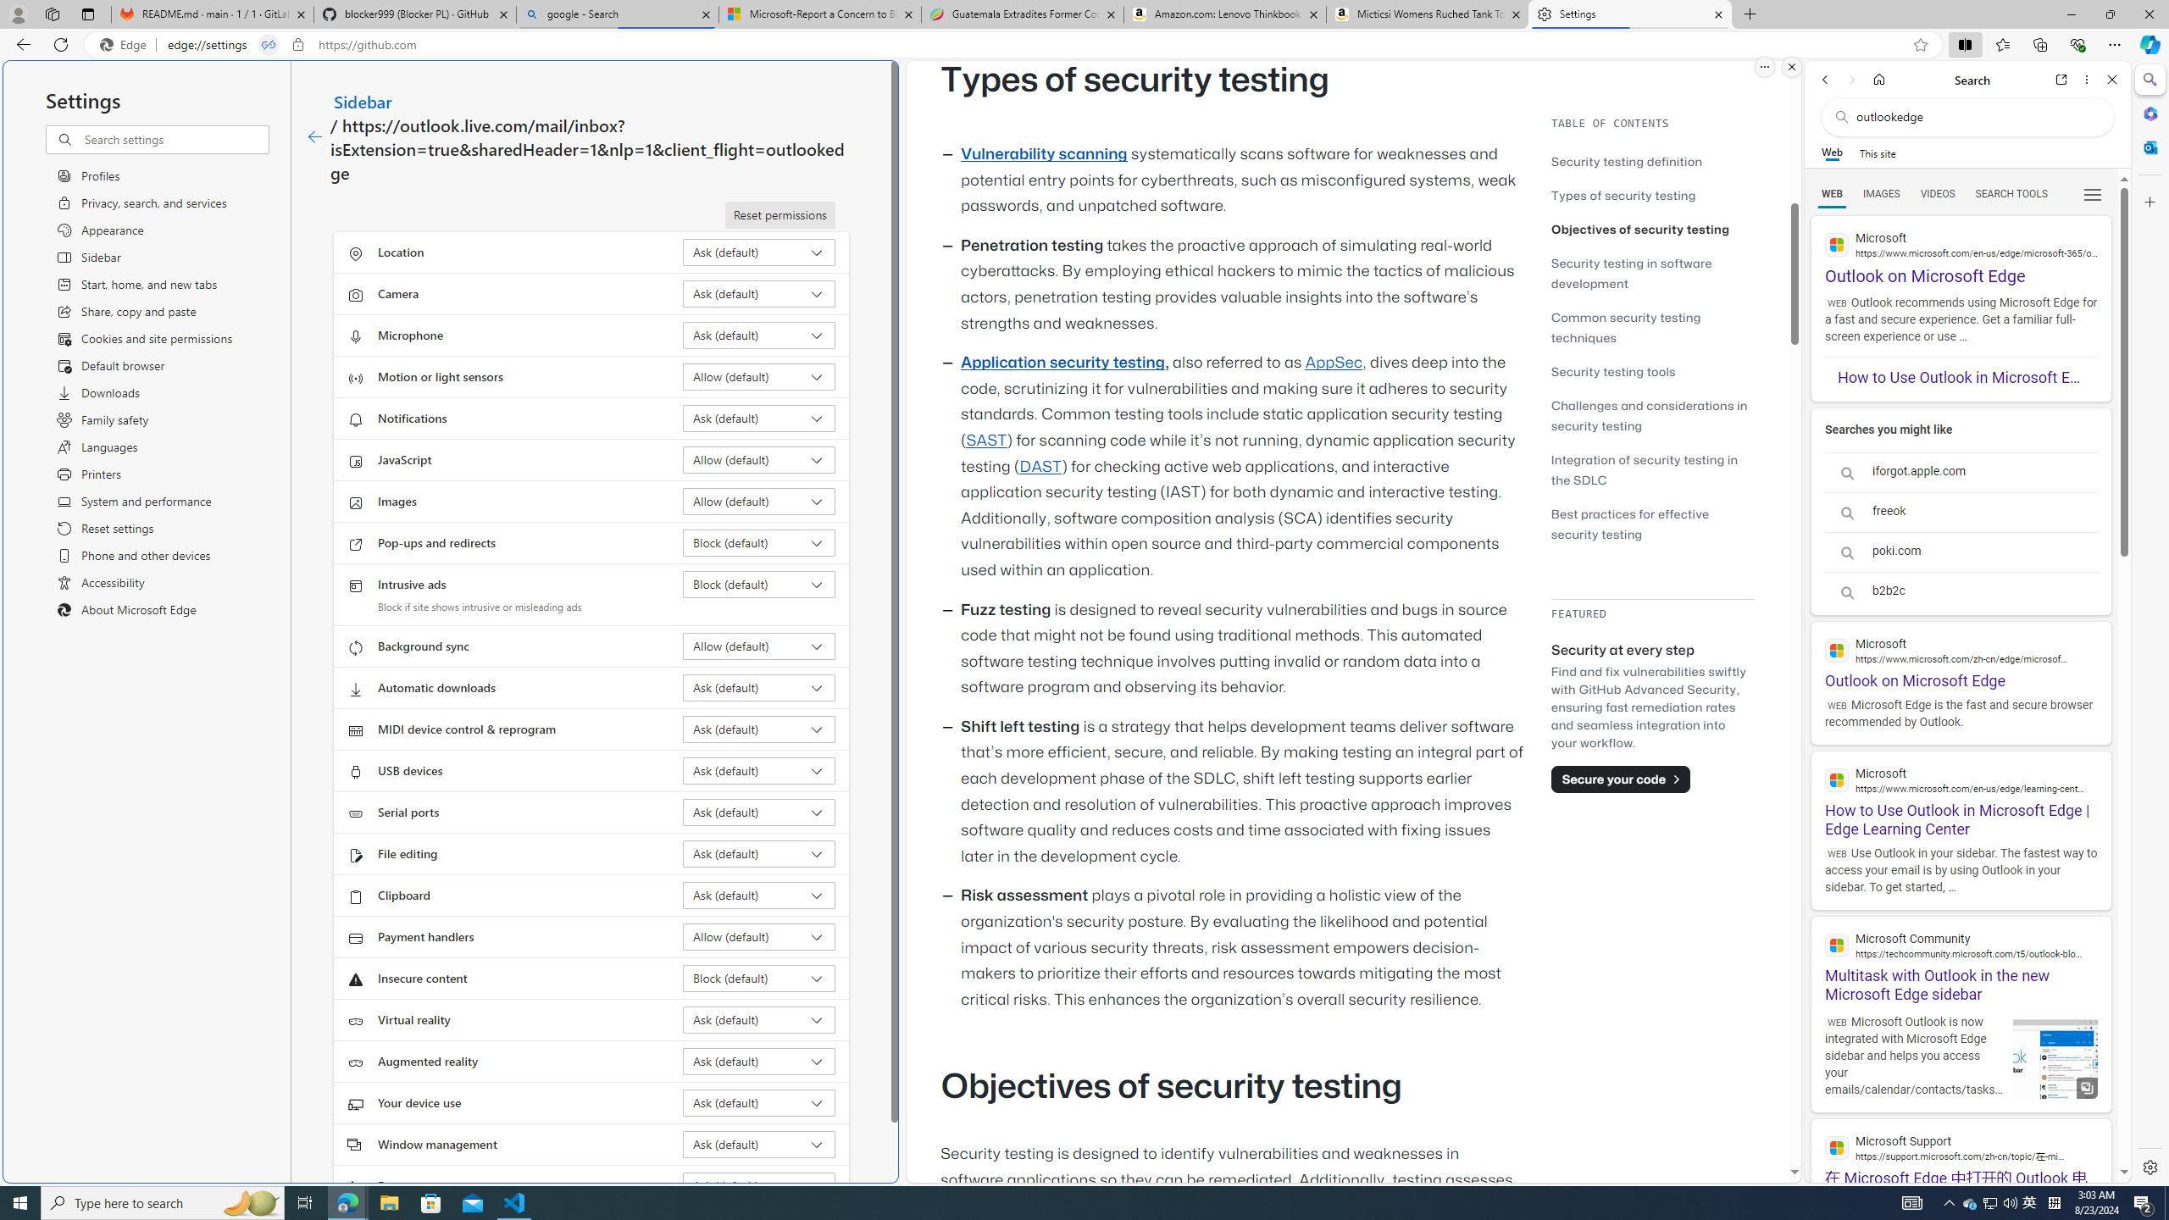  I want to click on 'Clipboard Ask (default)', so click(759, 895).